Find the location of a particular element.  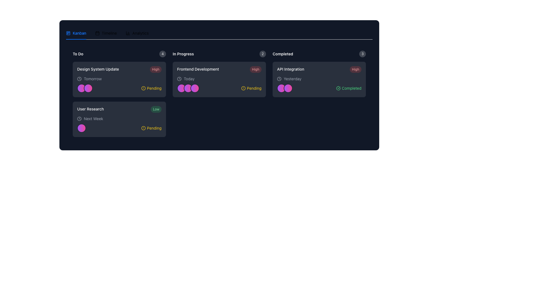

the static text element labeled 'Tomorrow' styled in gray, located within the 'Design System Update' task card under the 'To Do' column is located at coordinates (93, 79).